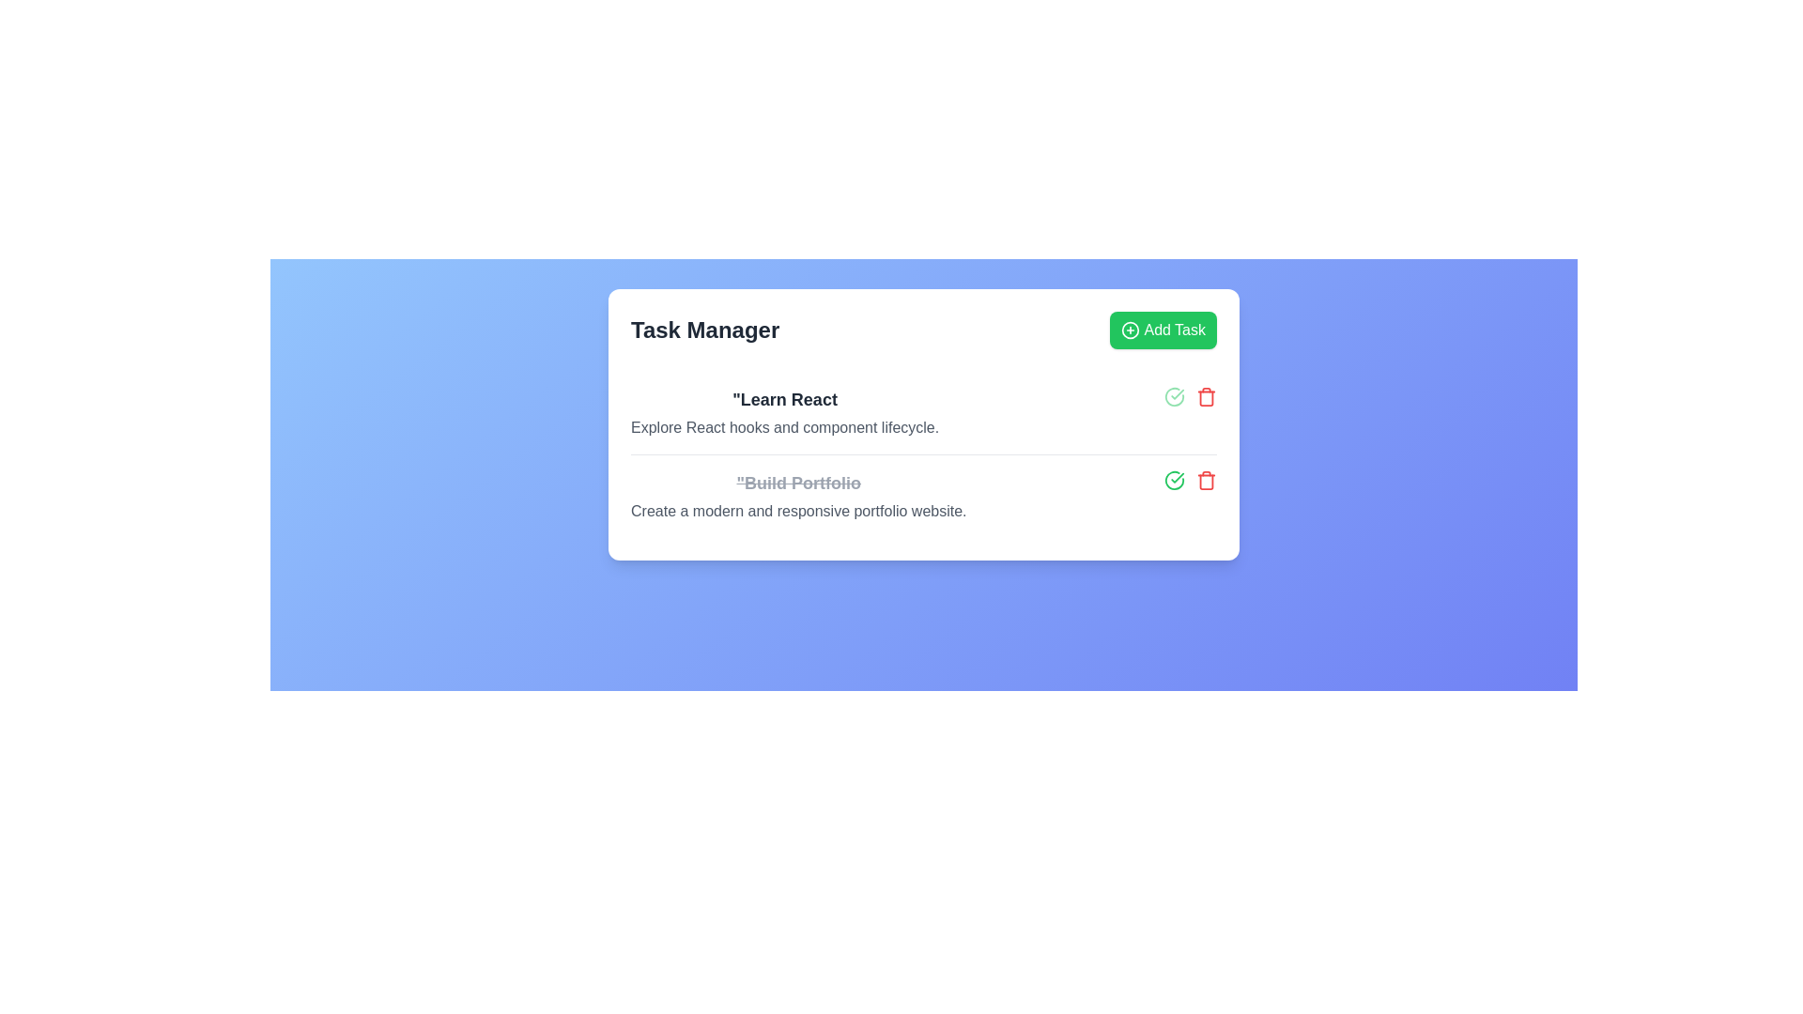  What do you see at coordinates (1130, 329) in the screenshot?
I see `the circular '+' icon located to the left of the 'Add Task' label within the green button at the top-right corner of the interface` at bounding box center [1130, 329].